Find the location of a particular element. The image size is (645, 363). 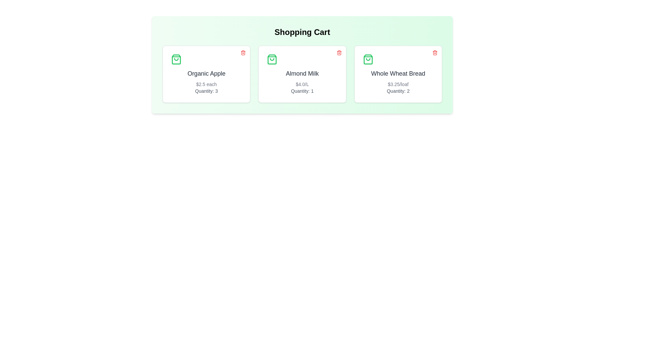

the trash icon of the item named Almond Milk to remove it from the cart is located at coordinates (339, 52).